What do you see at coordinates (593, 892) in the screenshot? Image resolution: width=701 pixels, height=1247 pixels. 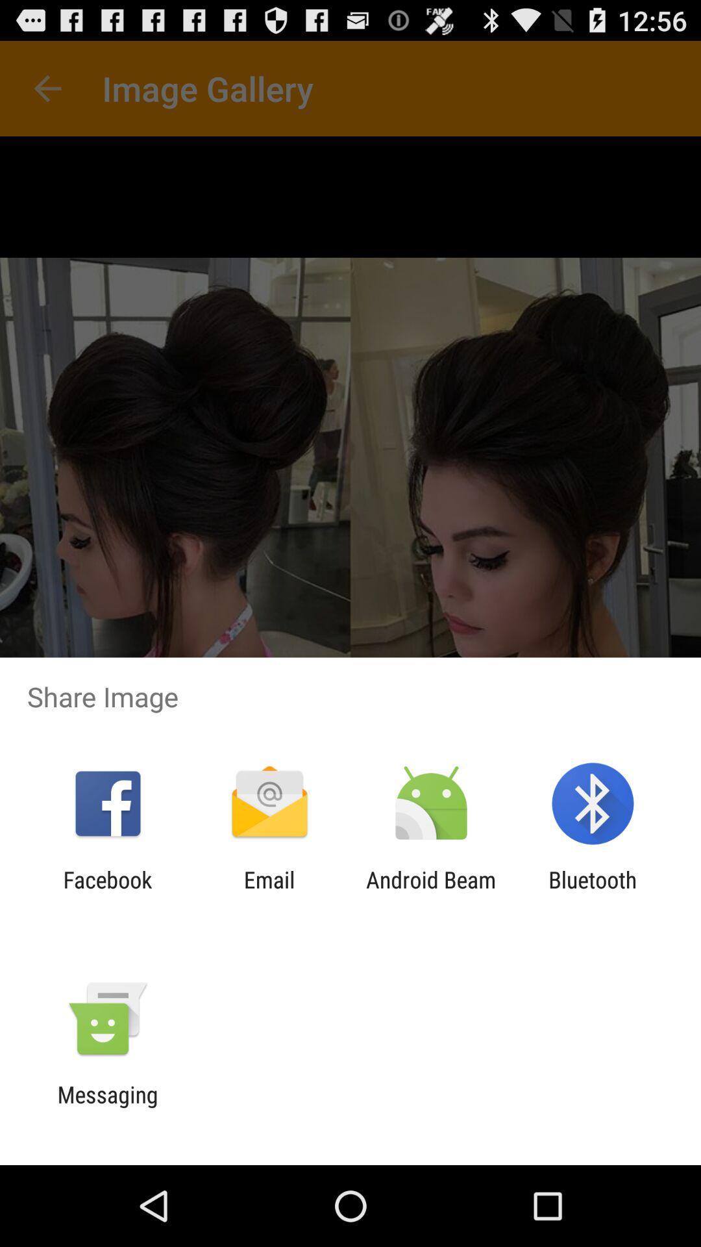 I see `the bluetooth icon` at bounding box center [593, 892].